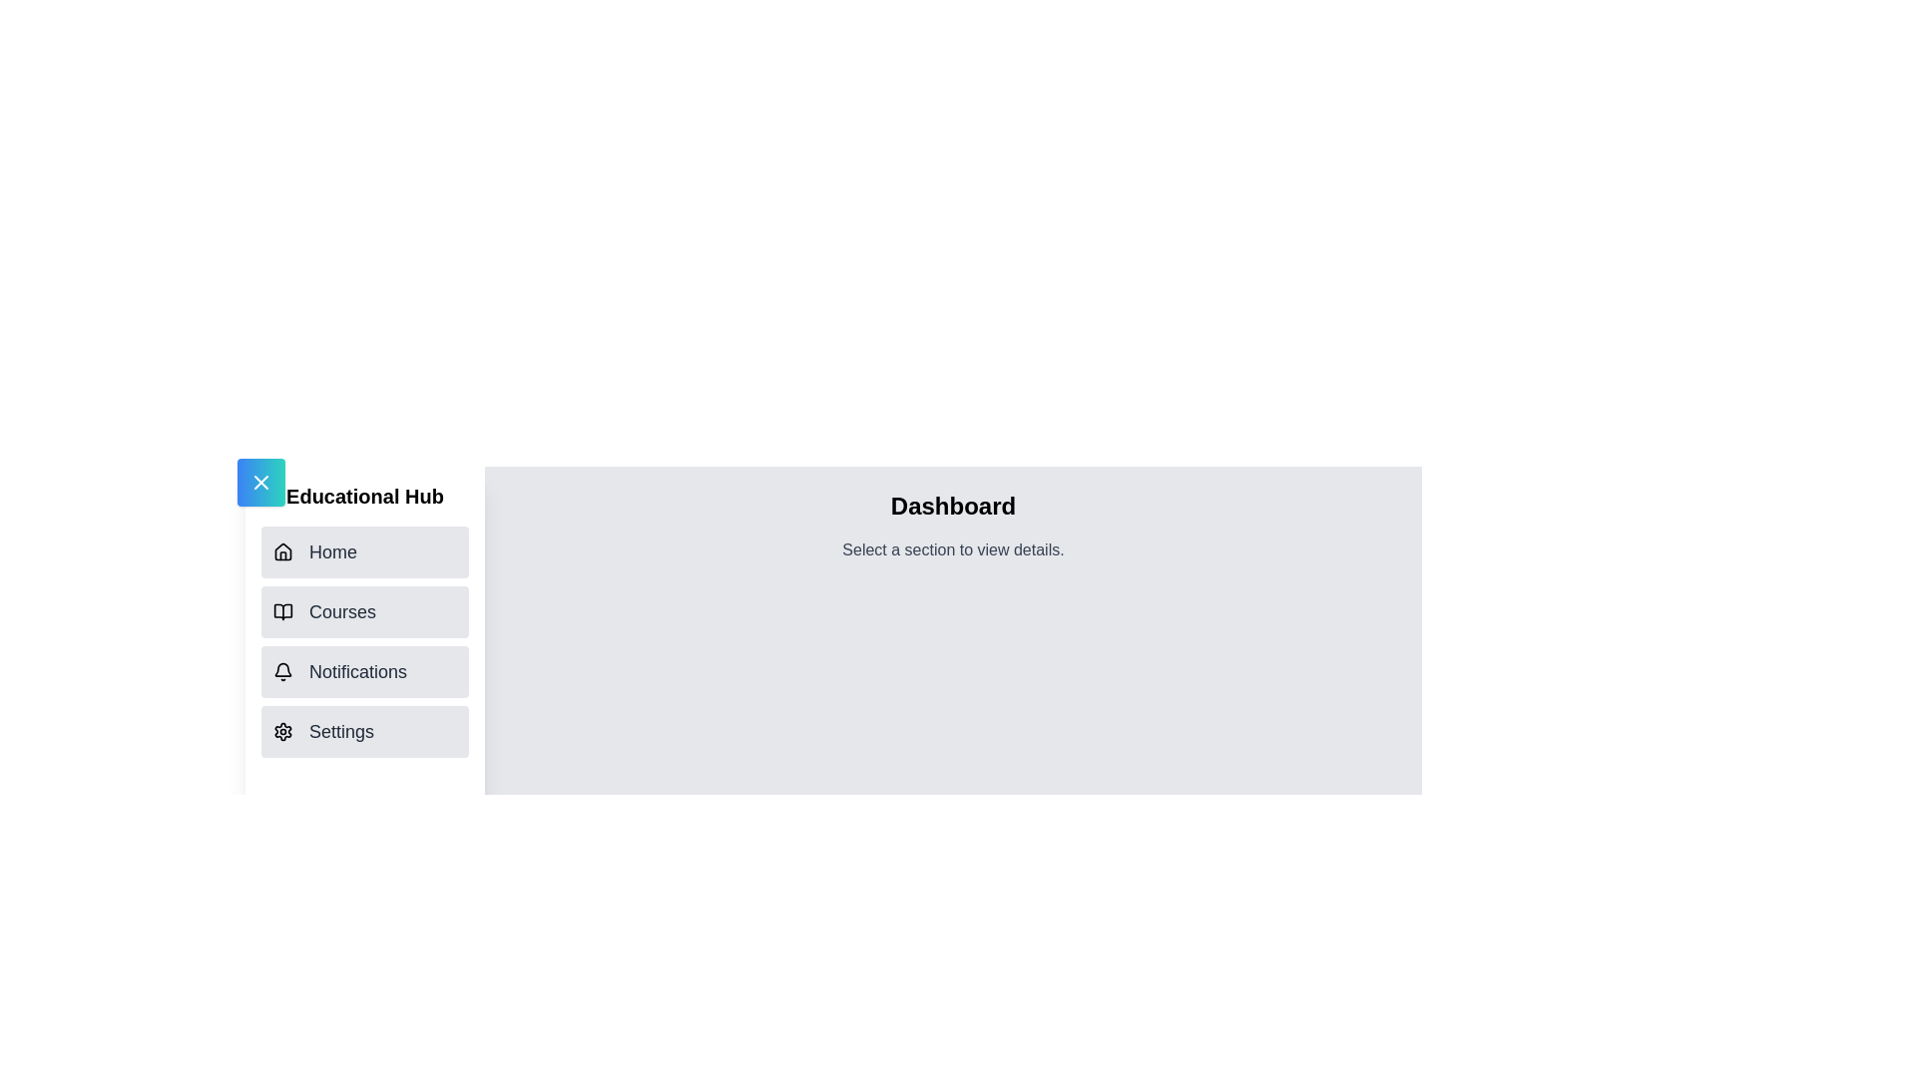 The width and height of the screenshot is (1916, 1077). I want to click on the navigation item Courses, so click(364, 610).